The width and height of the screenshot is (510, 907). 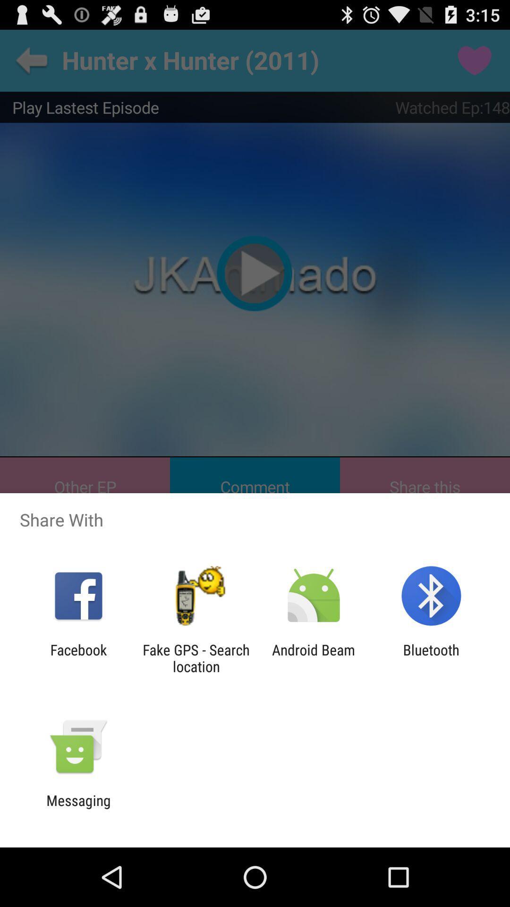 What do you see at coordinates (314, 658) in the screenshot?
I see `android beam icon` at bounding box center [314, 658].